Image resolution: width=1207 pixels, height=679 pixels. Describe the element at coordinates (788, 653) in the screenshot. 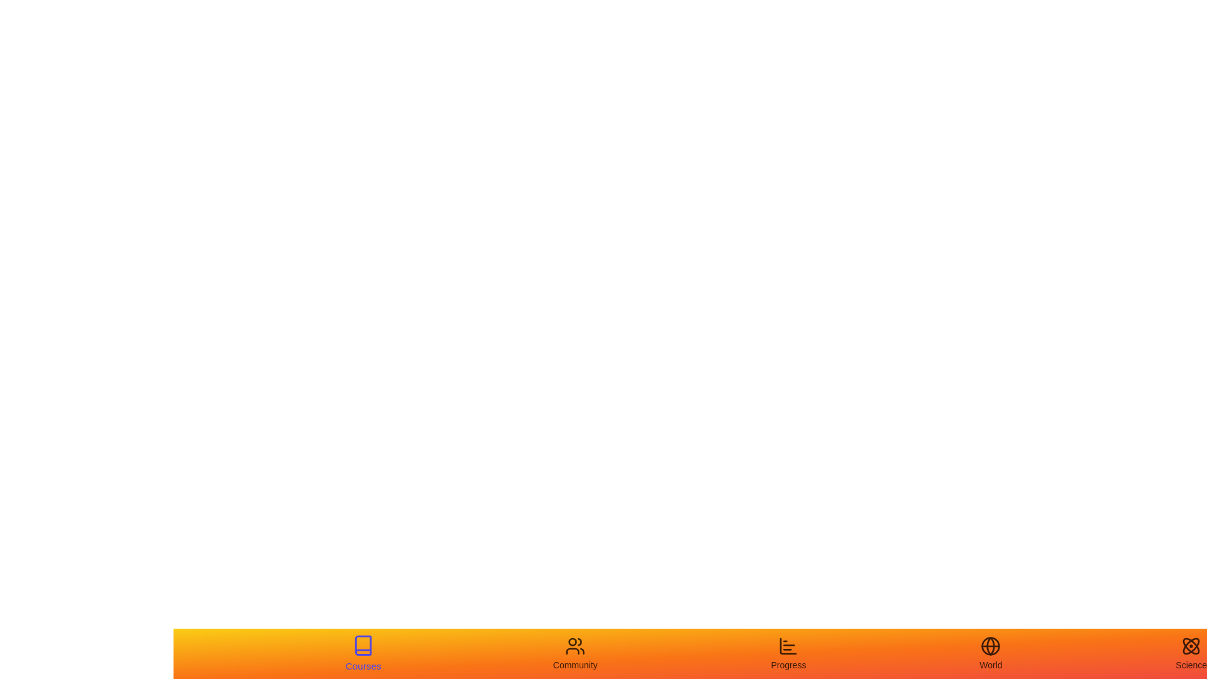

I see `the Progress tab to view its hover effect` at that location.